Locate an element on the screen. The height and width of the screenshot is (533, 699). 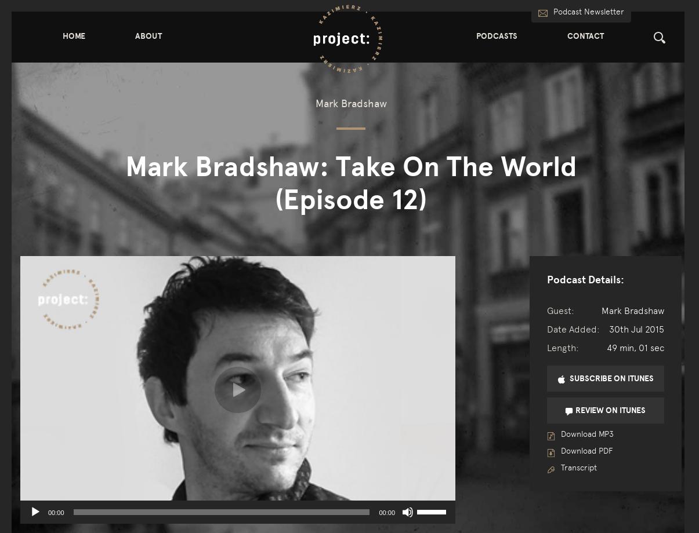
'Download PDF' is located at coordinates (585, 451).